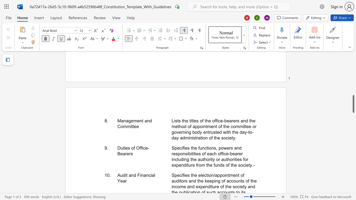  What do you see at coordinates (353, 75) in the screenshot?
I see `the side scrollbar to bring the page up` at bounding box center [353, 75].